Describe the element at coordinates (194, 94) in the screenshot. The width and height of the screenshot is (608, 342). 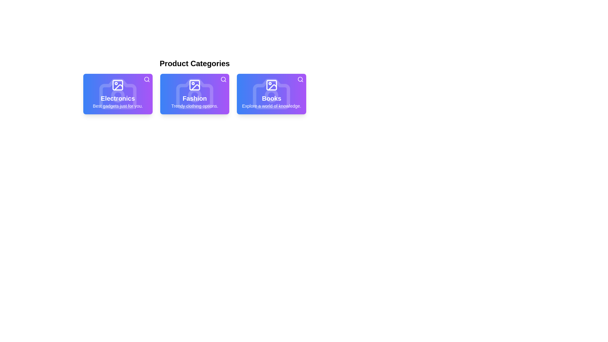
I see `the Text block describing 'Fashion' products with the supplementary description of 'Trendy clothing options', located in the second card from the left in the row below the title 'Product Categories'` at that location.